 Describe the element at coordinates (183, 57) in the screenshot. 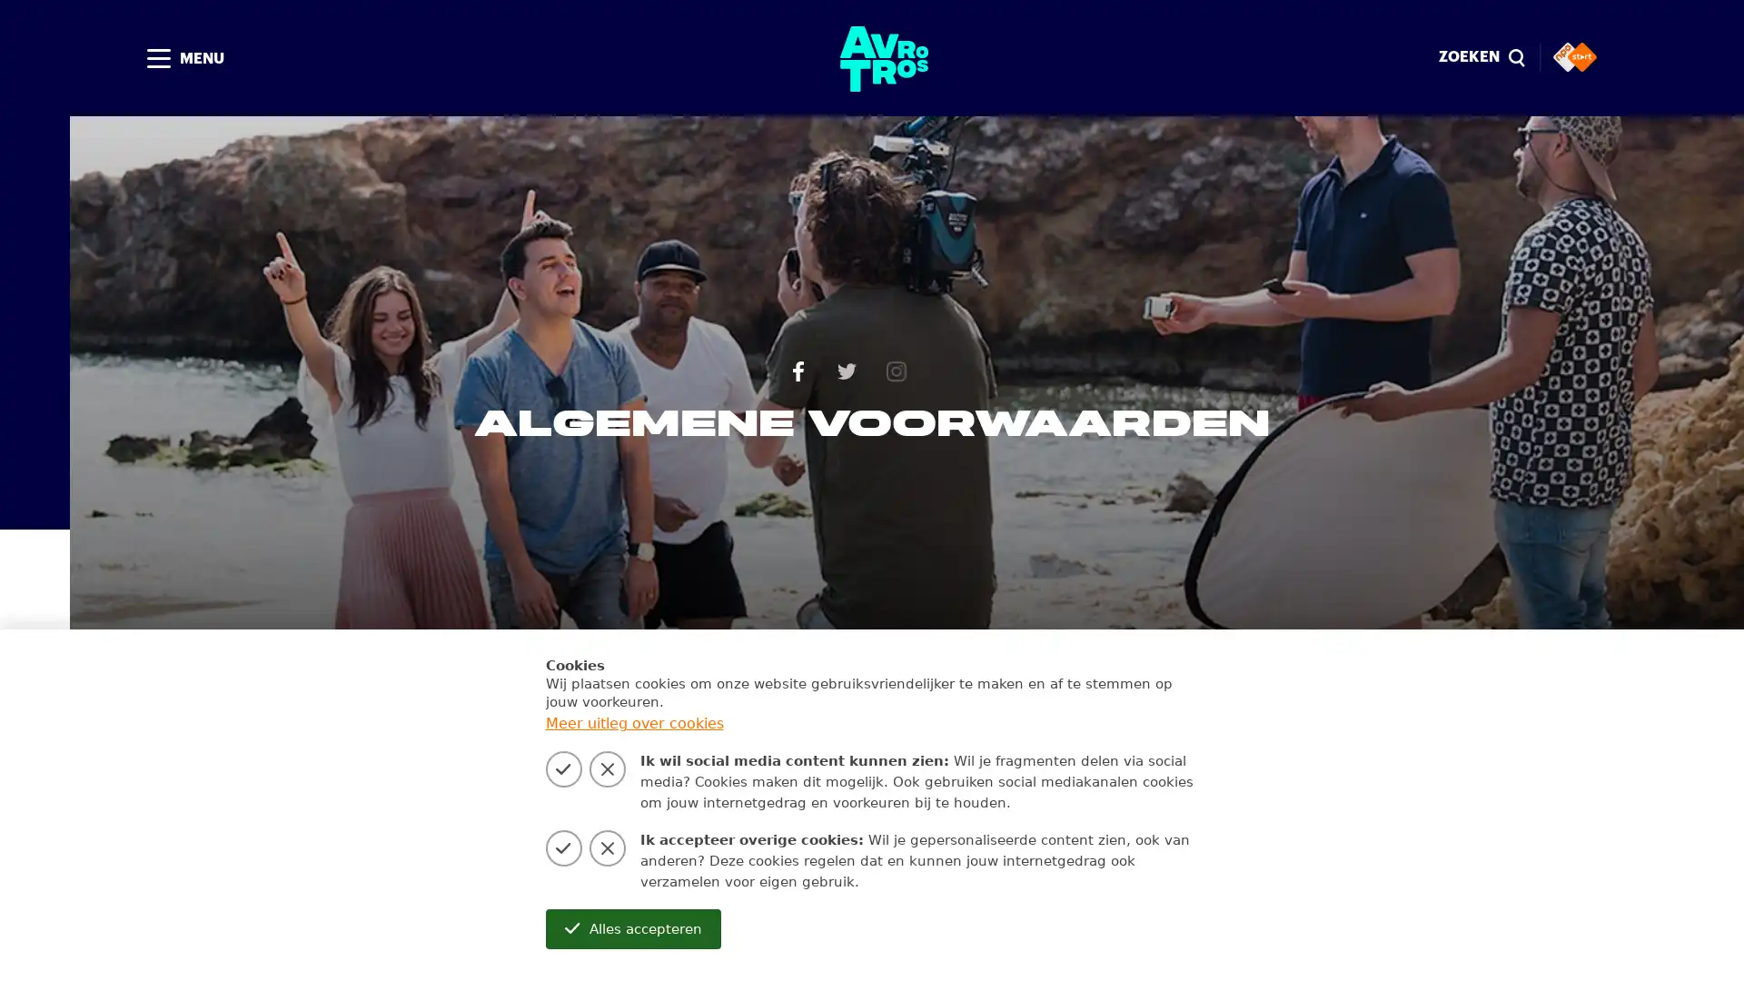

I see `MENU` at that location.